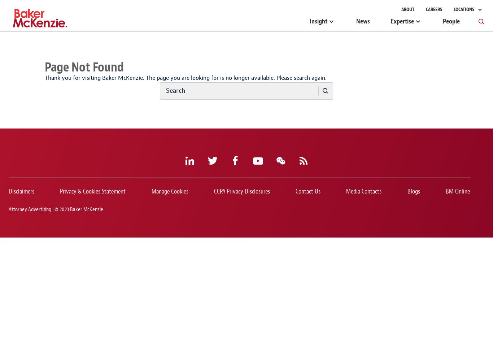 This screenshot has height=361, width=493. I want to click on 'About', so click(407, 9).